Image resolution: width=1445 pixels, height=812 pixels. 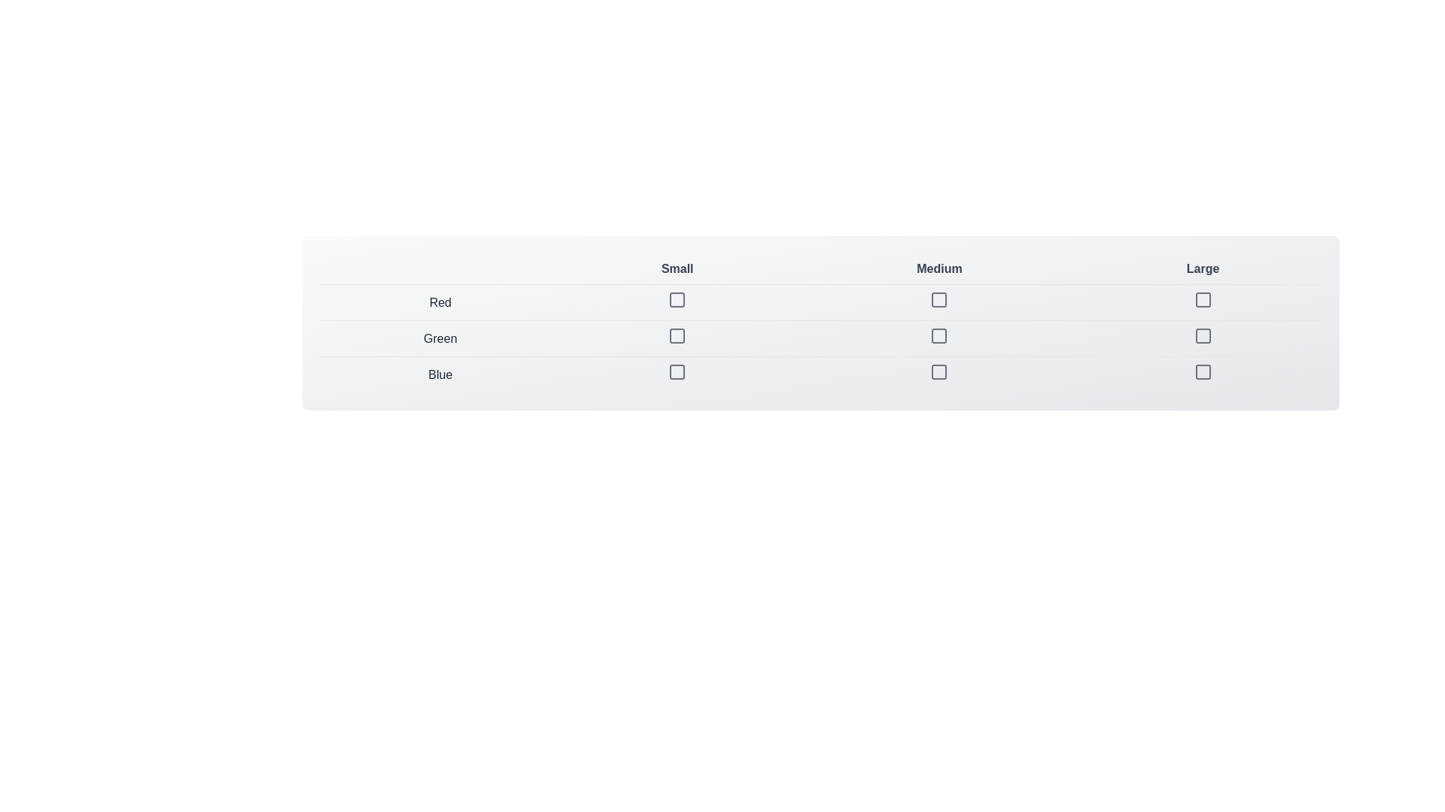 What do you see at coordinates (938, 299) in the screenshot?
I see `the checkbox located in the 'Medium' column for the 'Red' row, allowing users to select or deselect an option` at bounding box center [938, 299].